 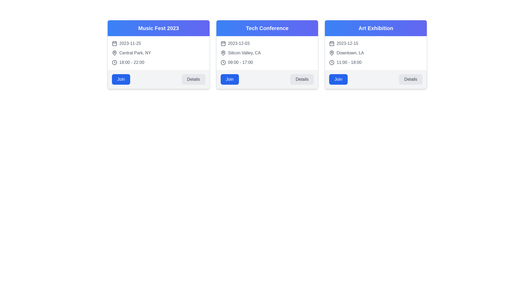 I want to click on the decorative rectangular shape within the SVG calendar icon, which enhances the visual design and indicates its purpose as a date representation for the 'Tech Conference' card, so click(x=223, y=43).